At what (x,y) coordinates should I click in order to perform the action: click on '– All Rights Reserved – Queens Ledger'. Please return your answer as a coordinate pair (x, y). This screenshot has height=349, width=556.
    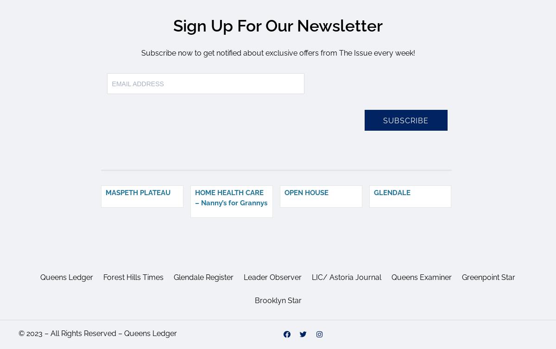
    Looking at the image, I should click on (109, 332).